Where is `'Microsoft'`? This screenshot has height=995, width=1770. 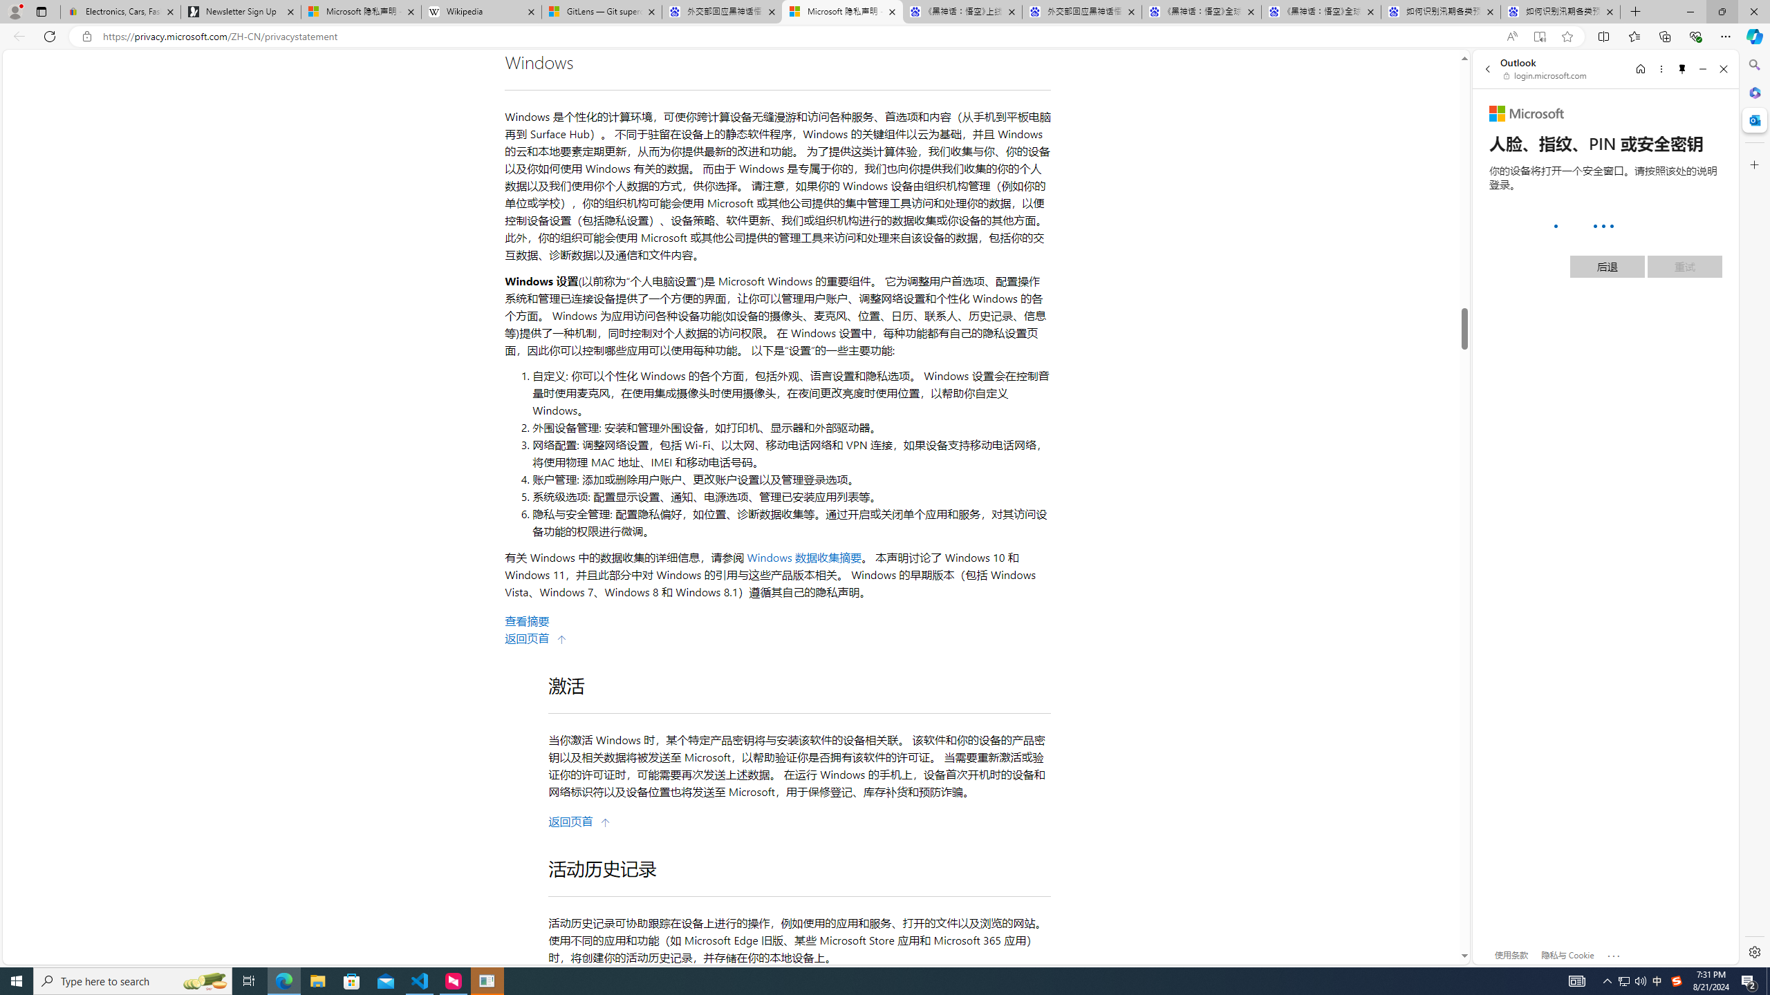
'Microsoft' is located at coordinates (1527, 113).